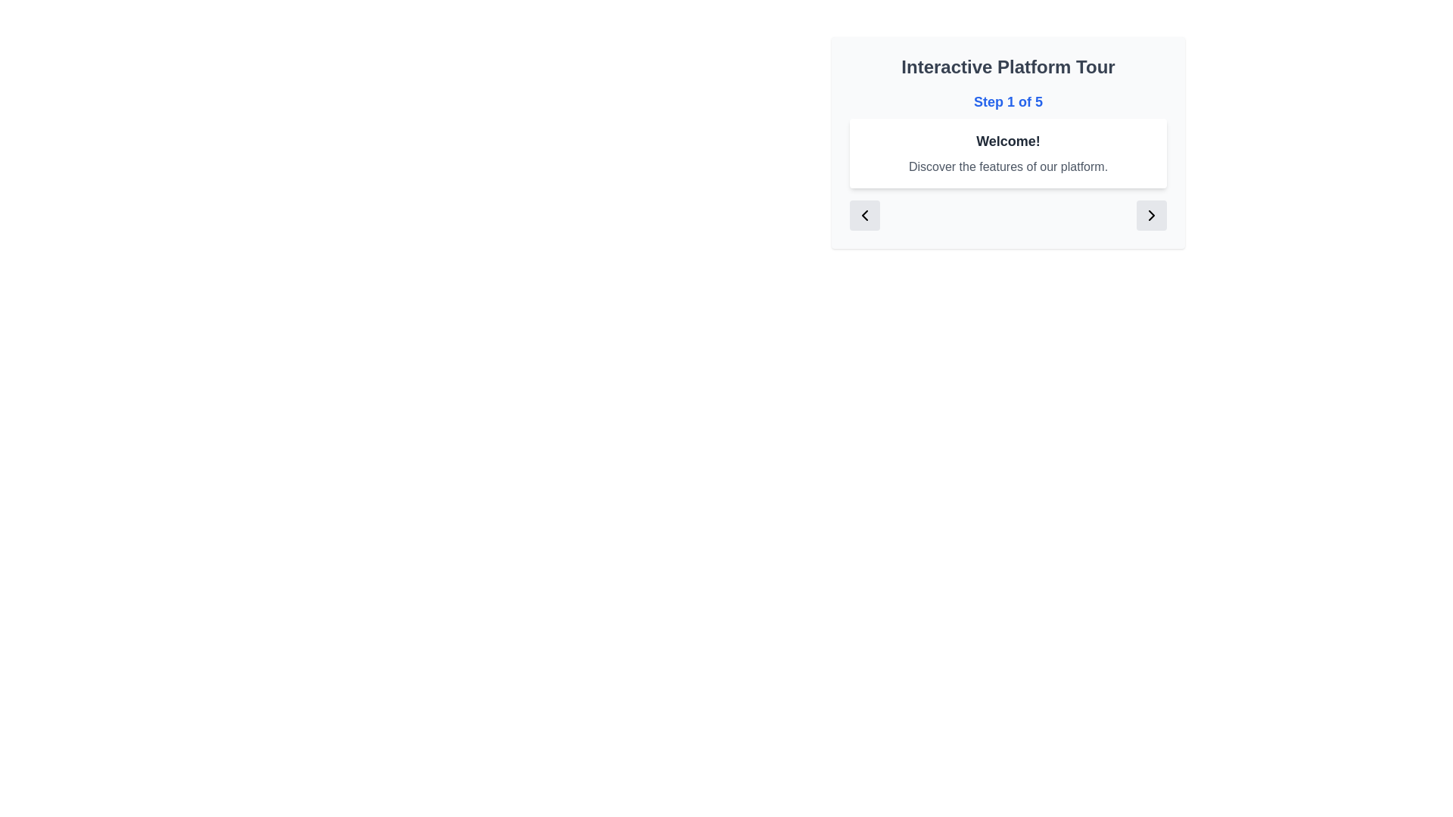 Image resolution: width=1453 pixels, height=817 pixels. I want to click on the message displayed on the Informational Card located within the 'Interactive Platform Tour' section, positioned below 'Step 1 of 5', so click(1008, 154).